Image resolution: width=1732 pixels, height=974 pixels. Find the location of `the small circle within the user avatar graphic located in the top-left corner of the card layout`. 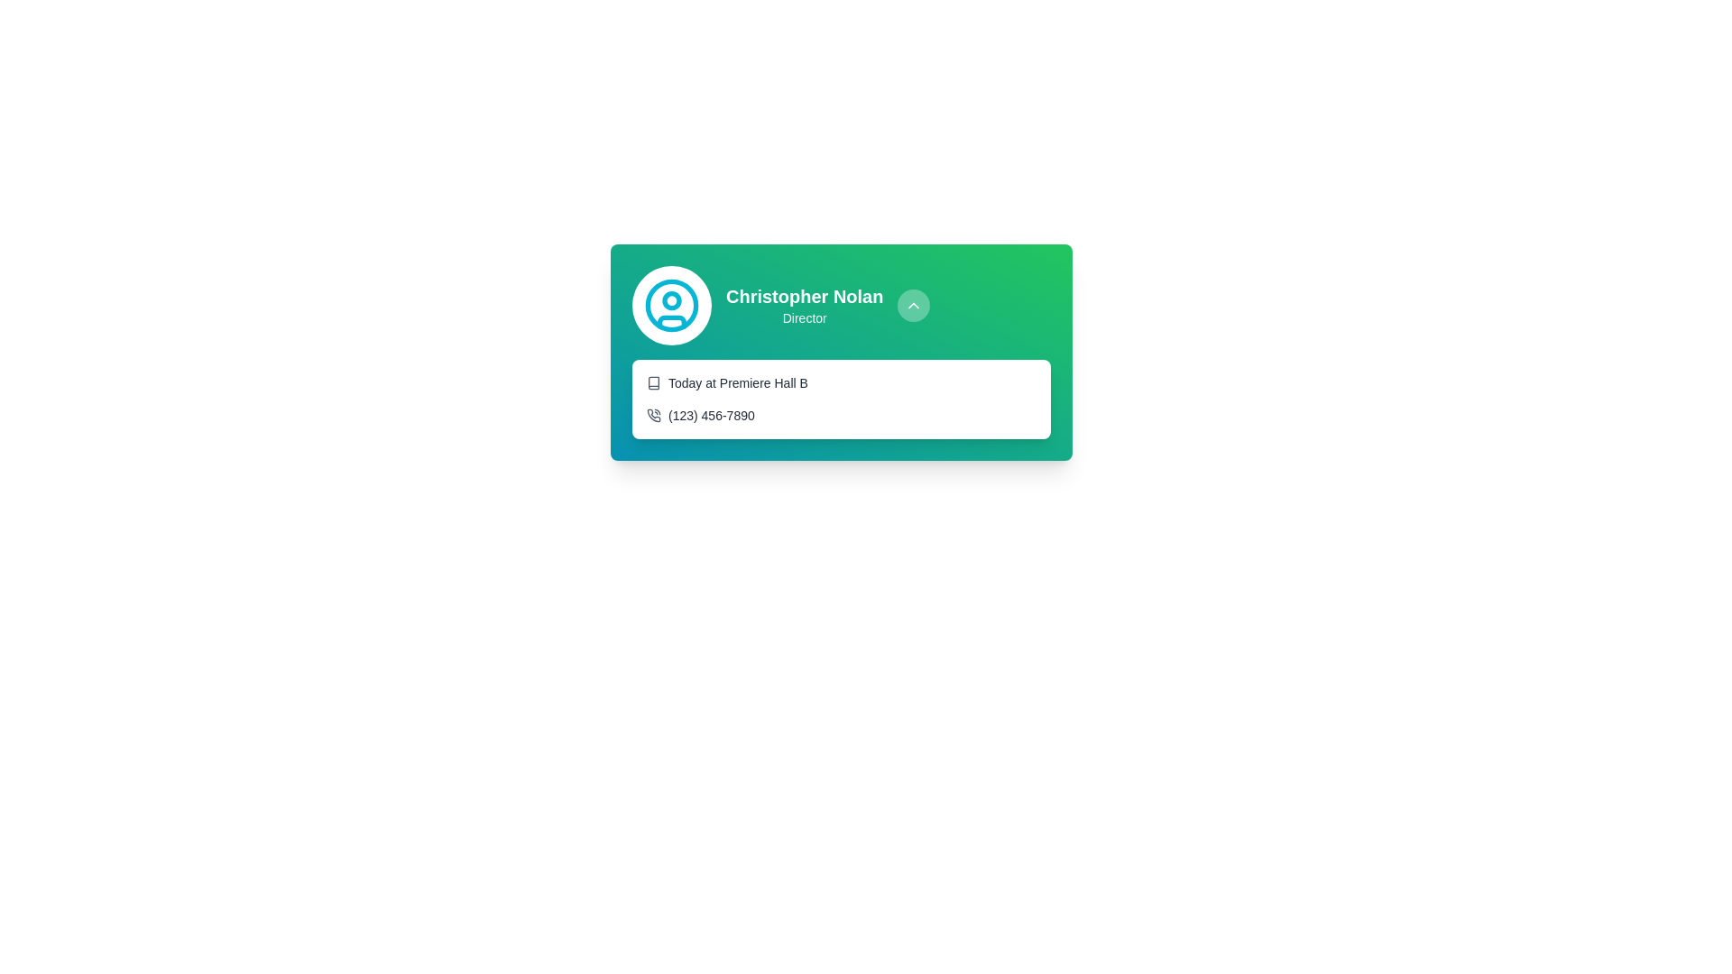

the small circle within the user avatar graphic located in the top-left corner of the card layout is located at coordinates (670, 299).